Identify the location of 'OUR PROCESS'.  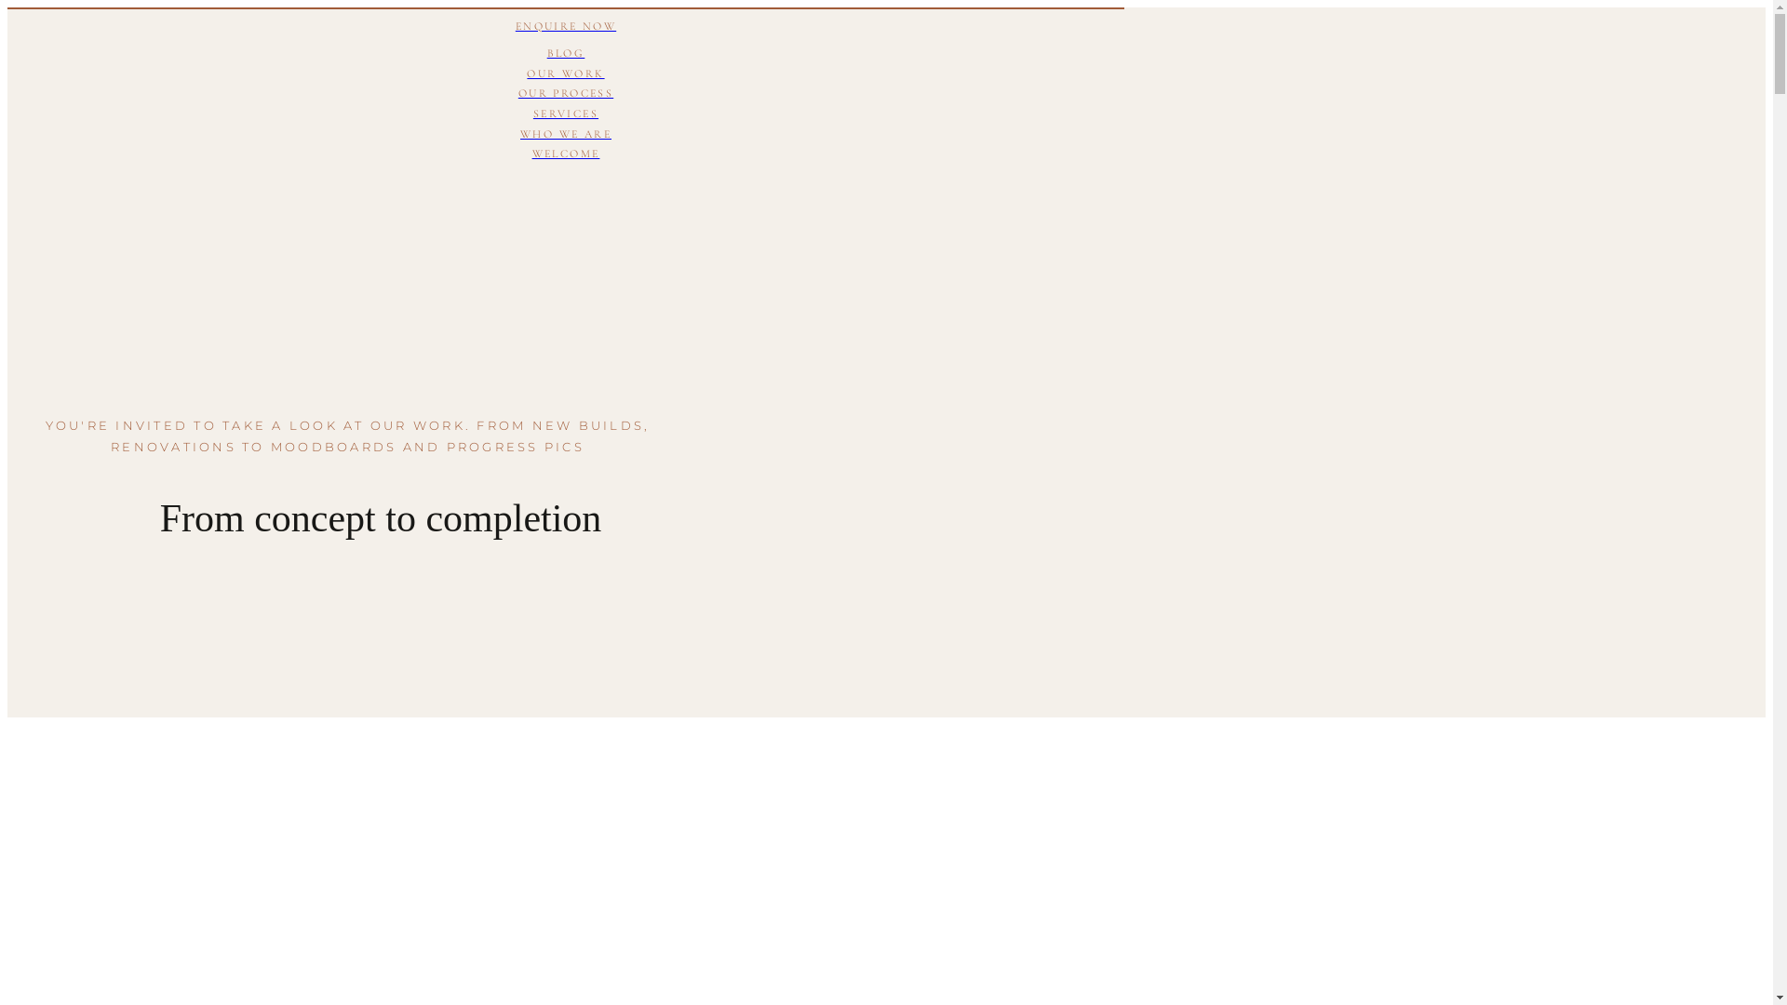
(565, 93).